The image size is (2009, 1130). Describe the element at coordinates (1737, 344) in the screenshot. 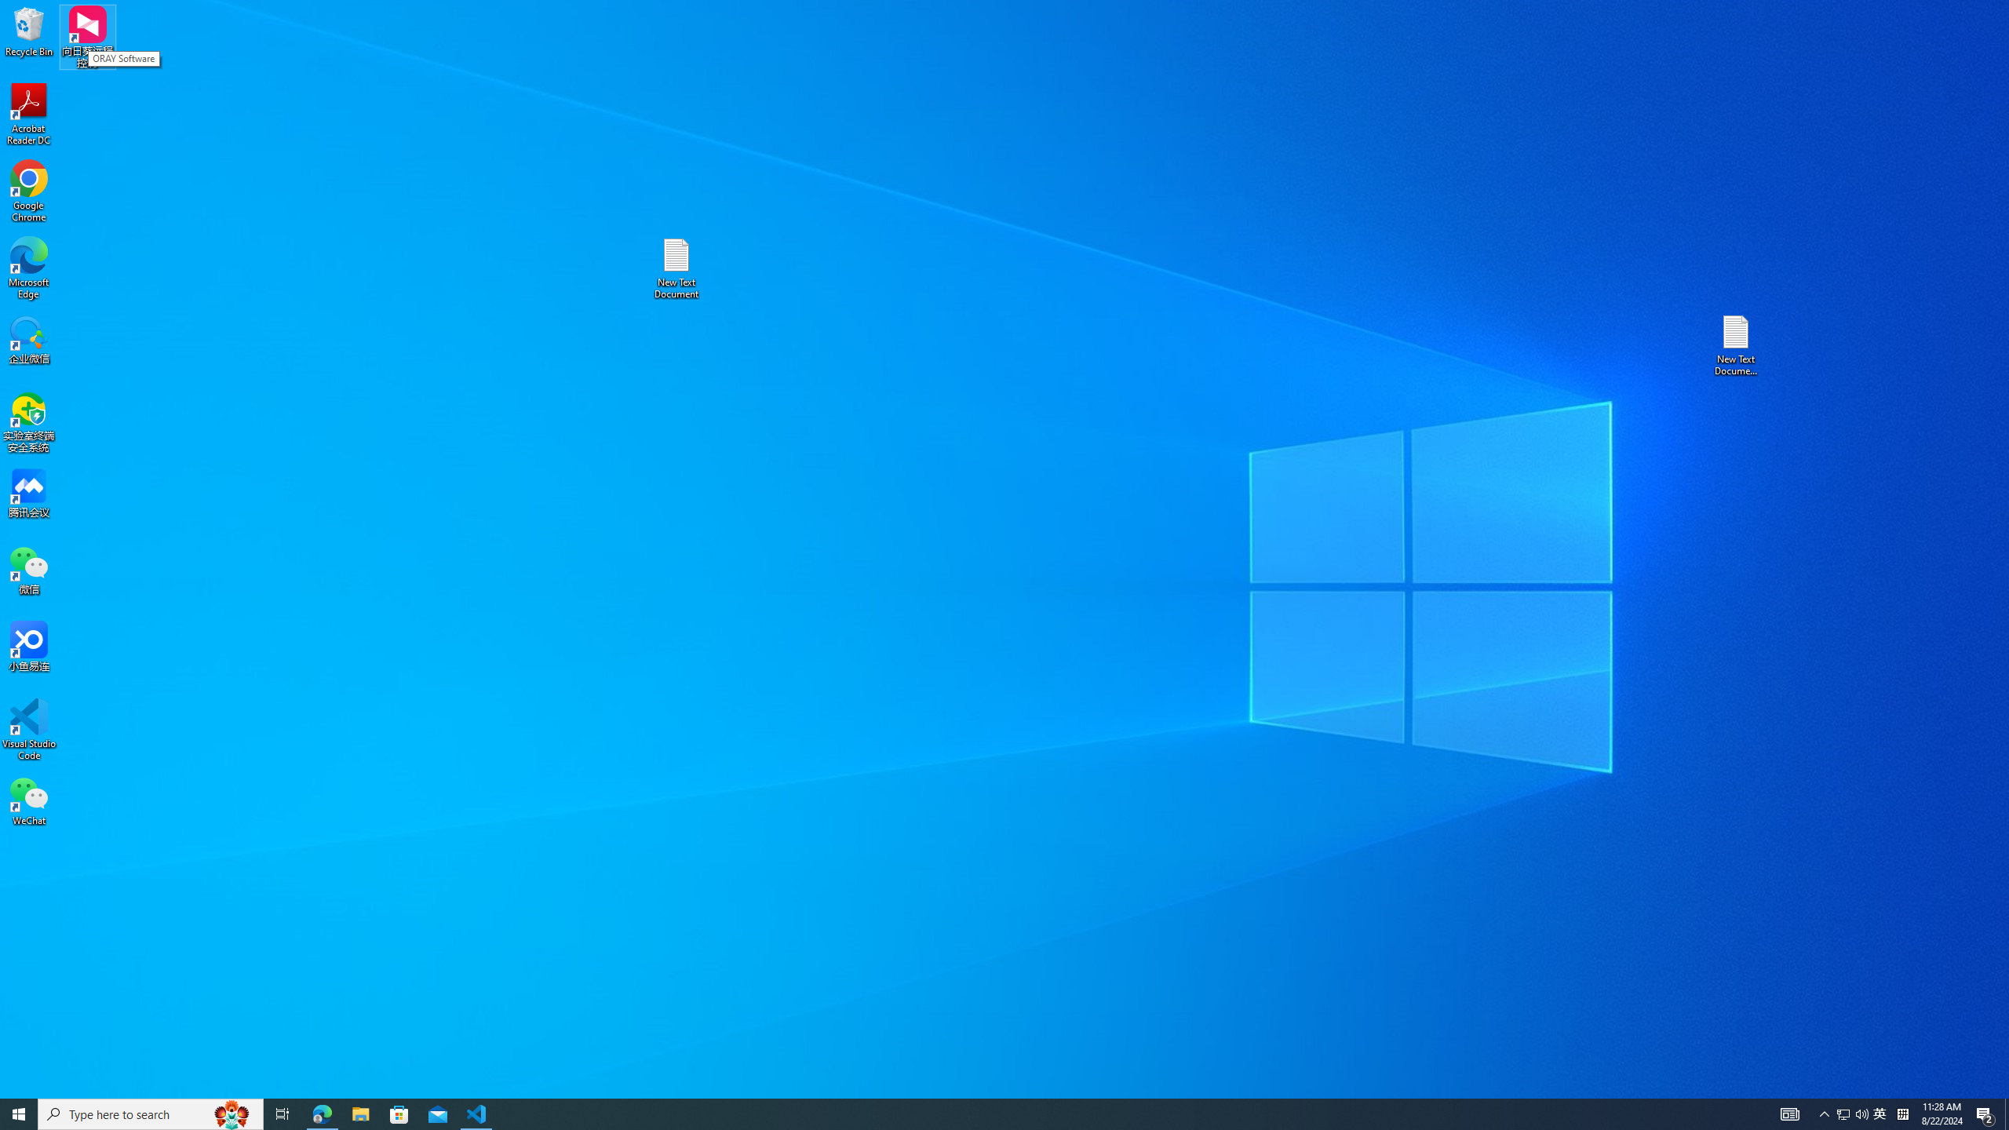

I see `'New Text Document (2)'` at that location.